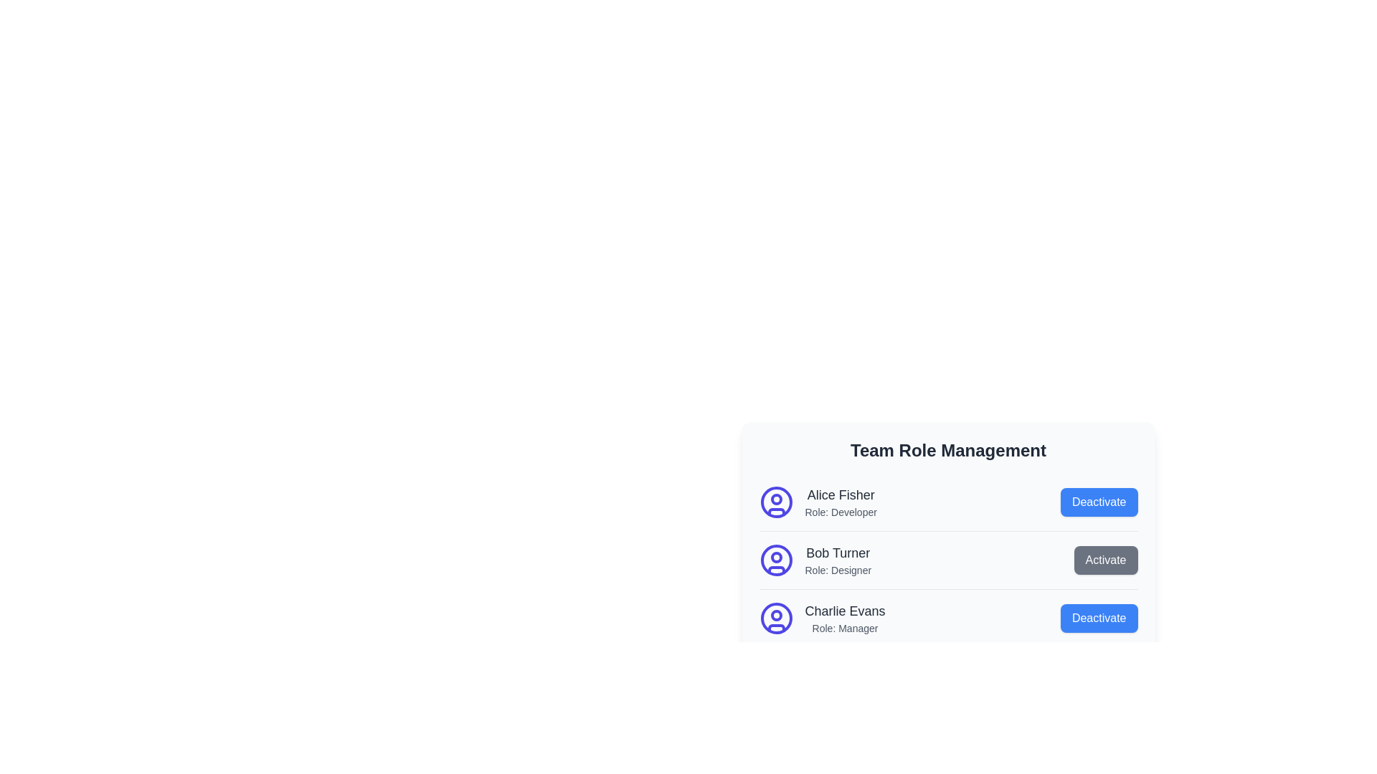 The height and width of the screenshot is (774, 1377). I want to click on the text label displaying 'Alice Fisher', which is positioned within the 'Team Role Management' section, to use it as a reference for adjacent elements, so click(841, 494).